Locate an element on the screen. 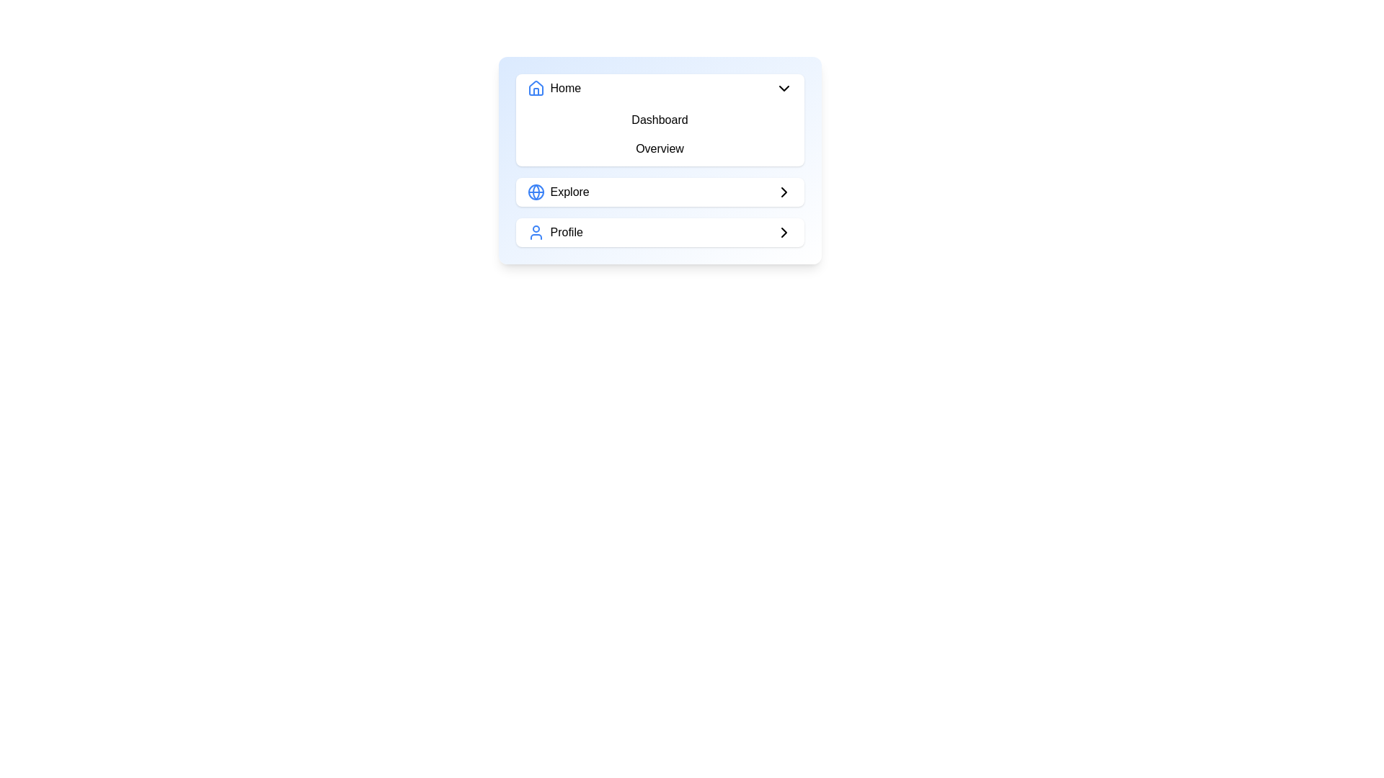 The image size is (1384, 778). the blue outlined circular vector graphic located at the center of the globe icon in the second row of the 'Explore' vertical navigation menu is located at coordinates (535, 191).